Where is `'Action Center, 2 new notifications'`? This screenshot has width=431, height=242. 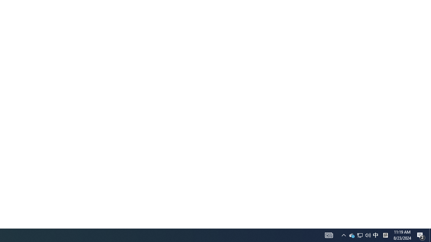 'Action Center, 2 new notifications' is located at coordinates (421, 235).